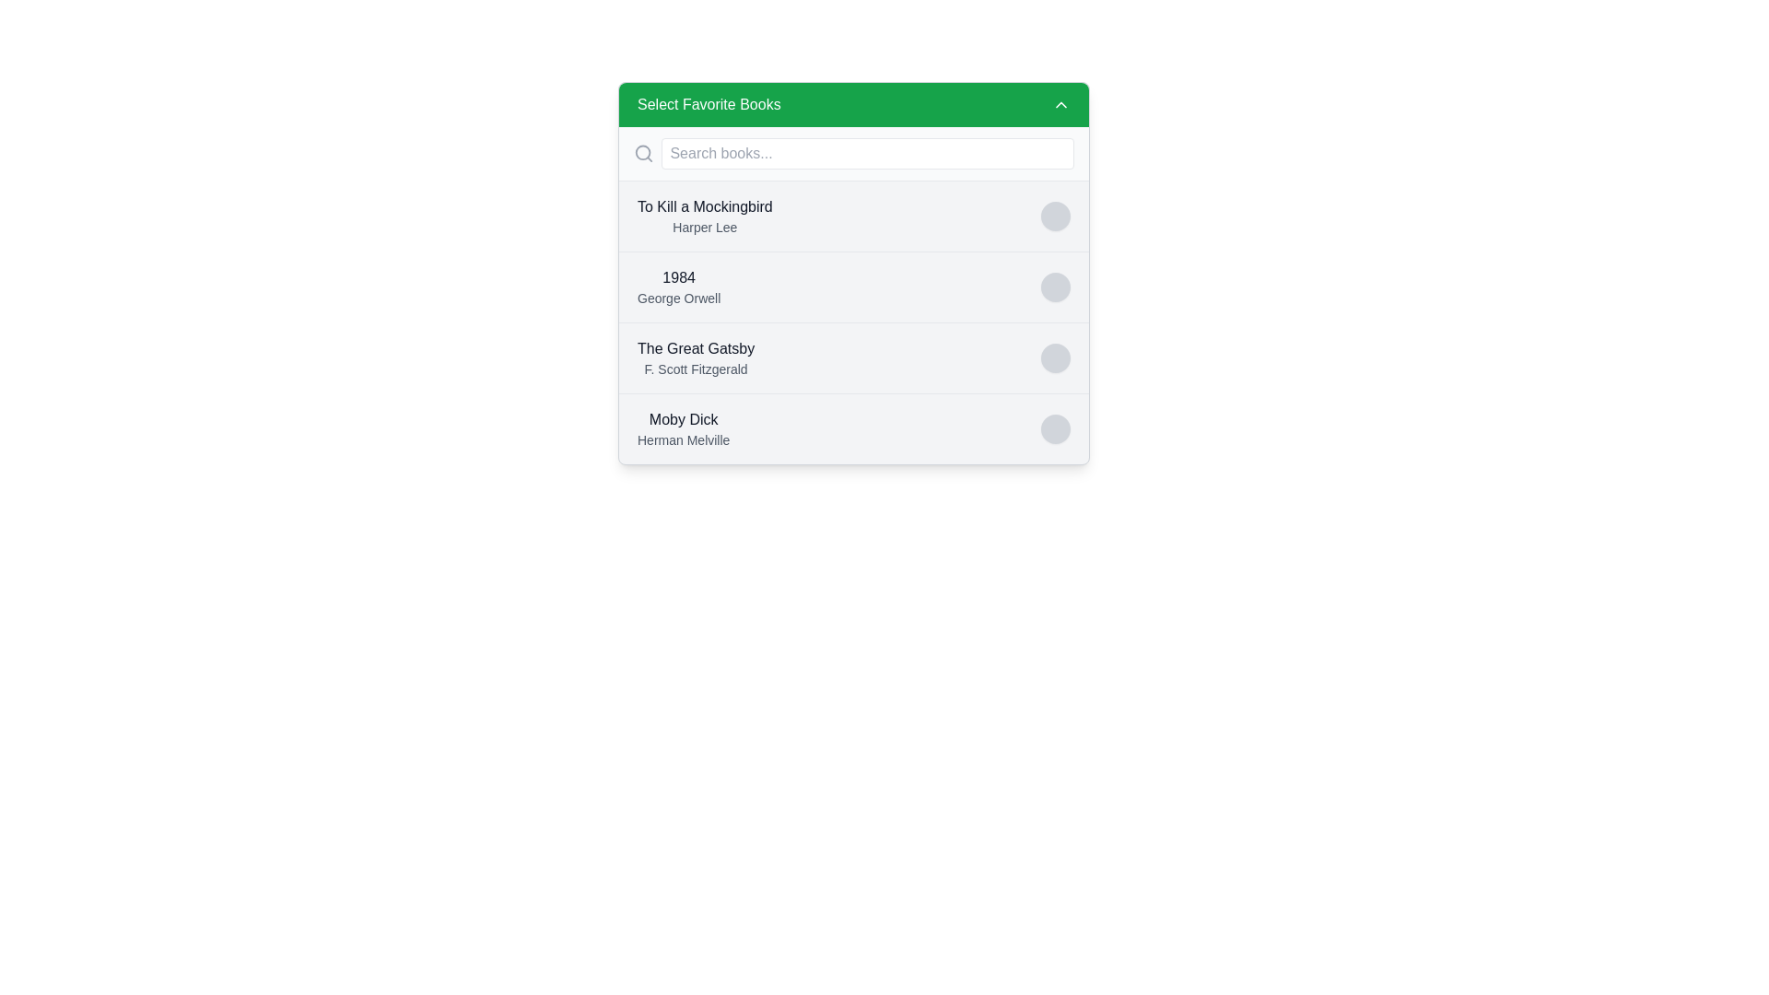 The width and height of the screenshot is (1769, 995). What do you see at coordinates (704, 226) in the screenshot?
I see `text label 'Harper Lee' located below the book title 'To Kill a Mockingbird' in the book list` at bounding box center [704, 226].